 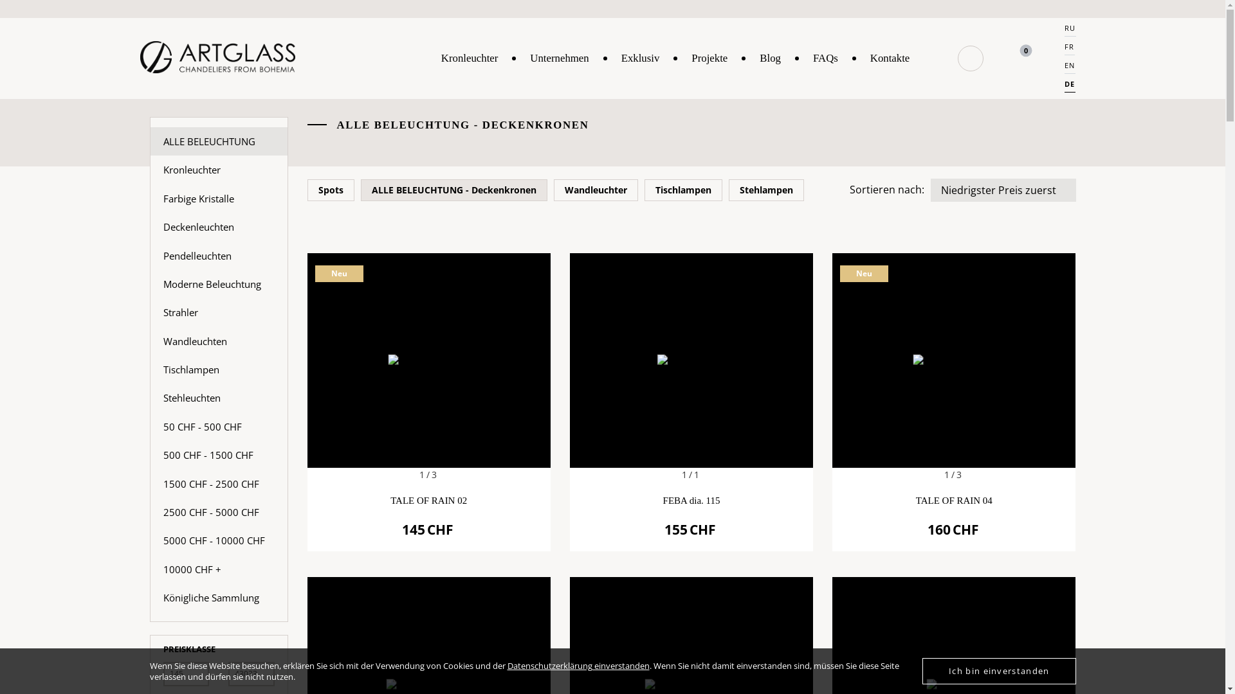 What do you see at coordinates (219, 283) in the screenshot?
I see `'Moderne Beleuchtung'` at bounding box center [219, 283].